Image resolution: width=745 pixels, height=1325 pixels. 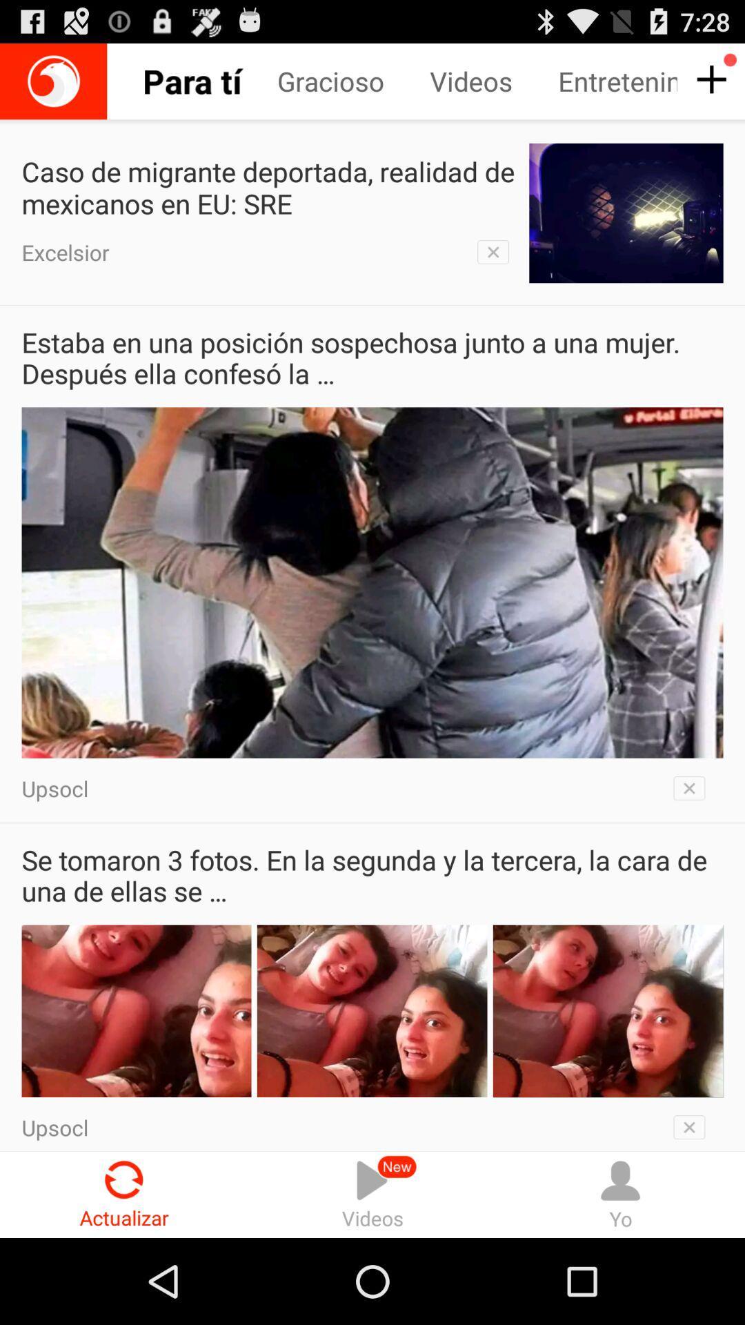 I want to click on the item to the left of the videos app, so click(x=352, y=81).